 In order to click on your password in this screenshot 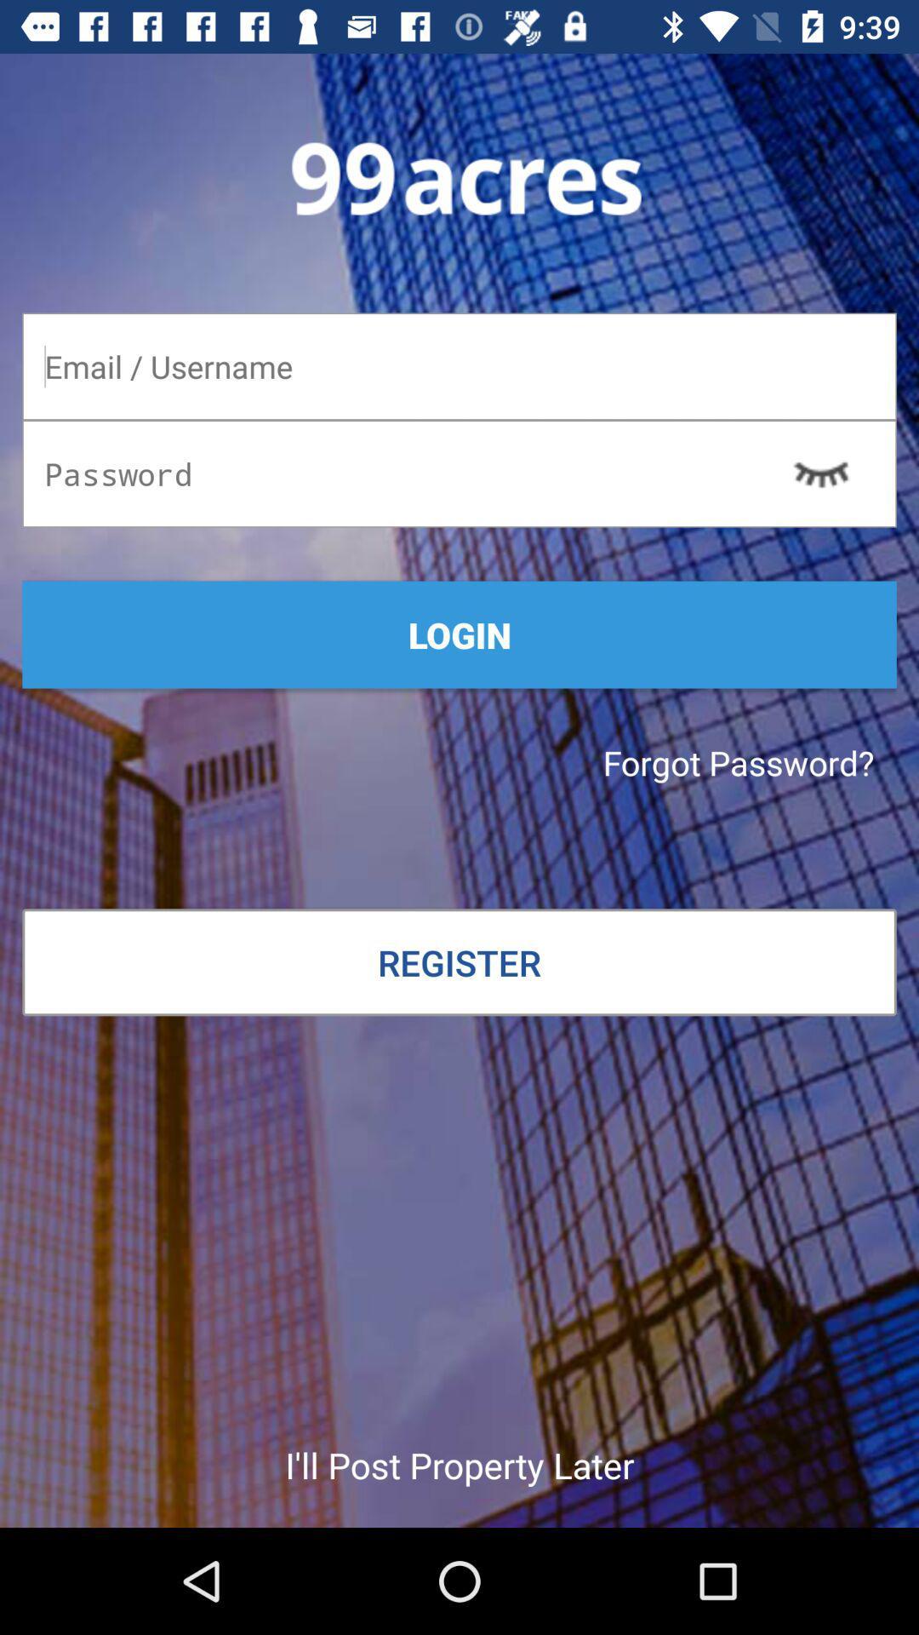, I will do `click(459, 473)`.